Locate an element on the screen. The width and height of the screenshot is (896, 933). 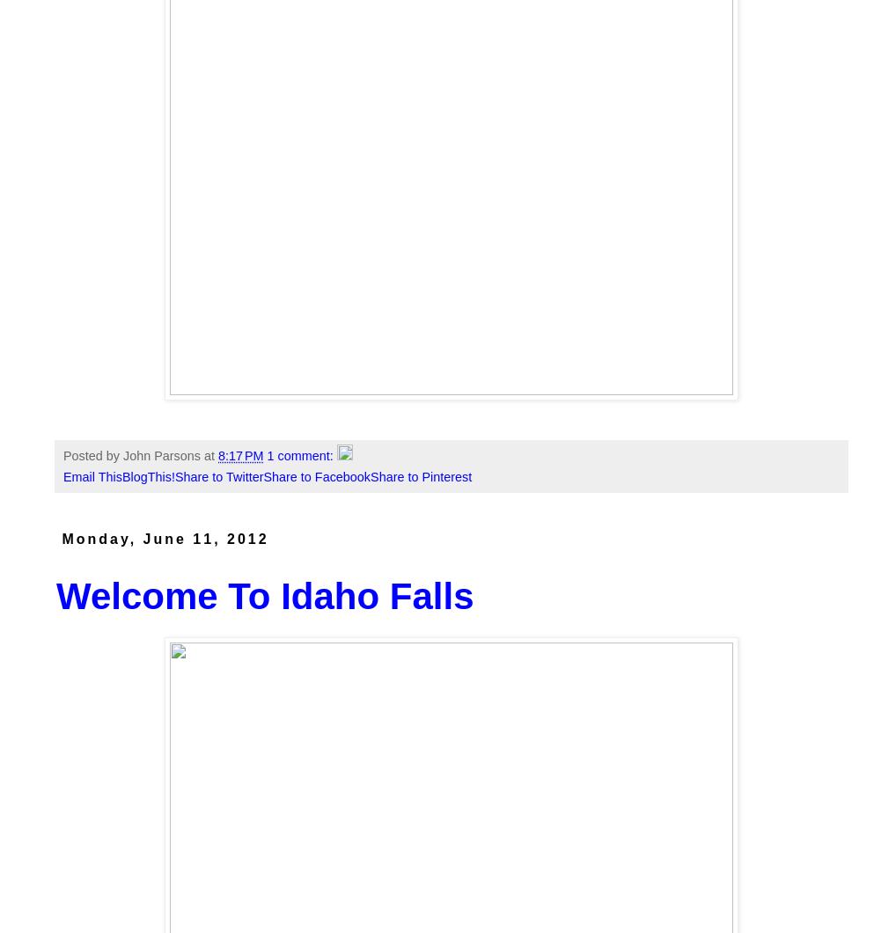
'Share to Twitter' is located at coordinates (217, 476).